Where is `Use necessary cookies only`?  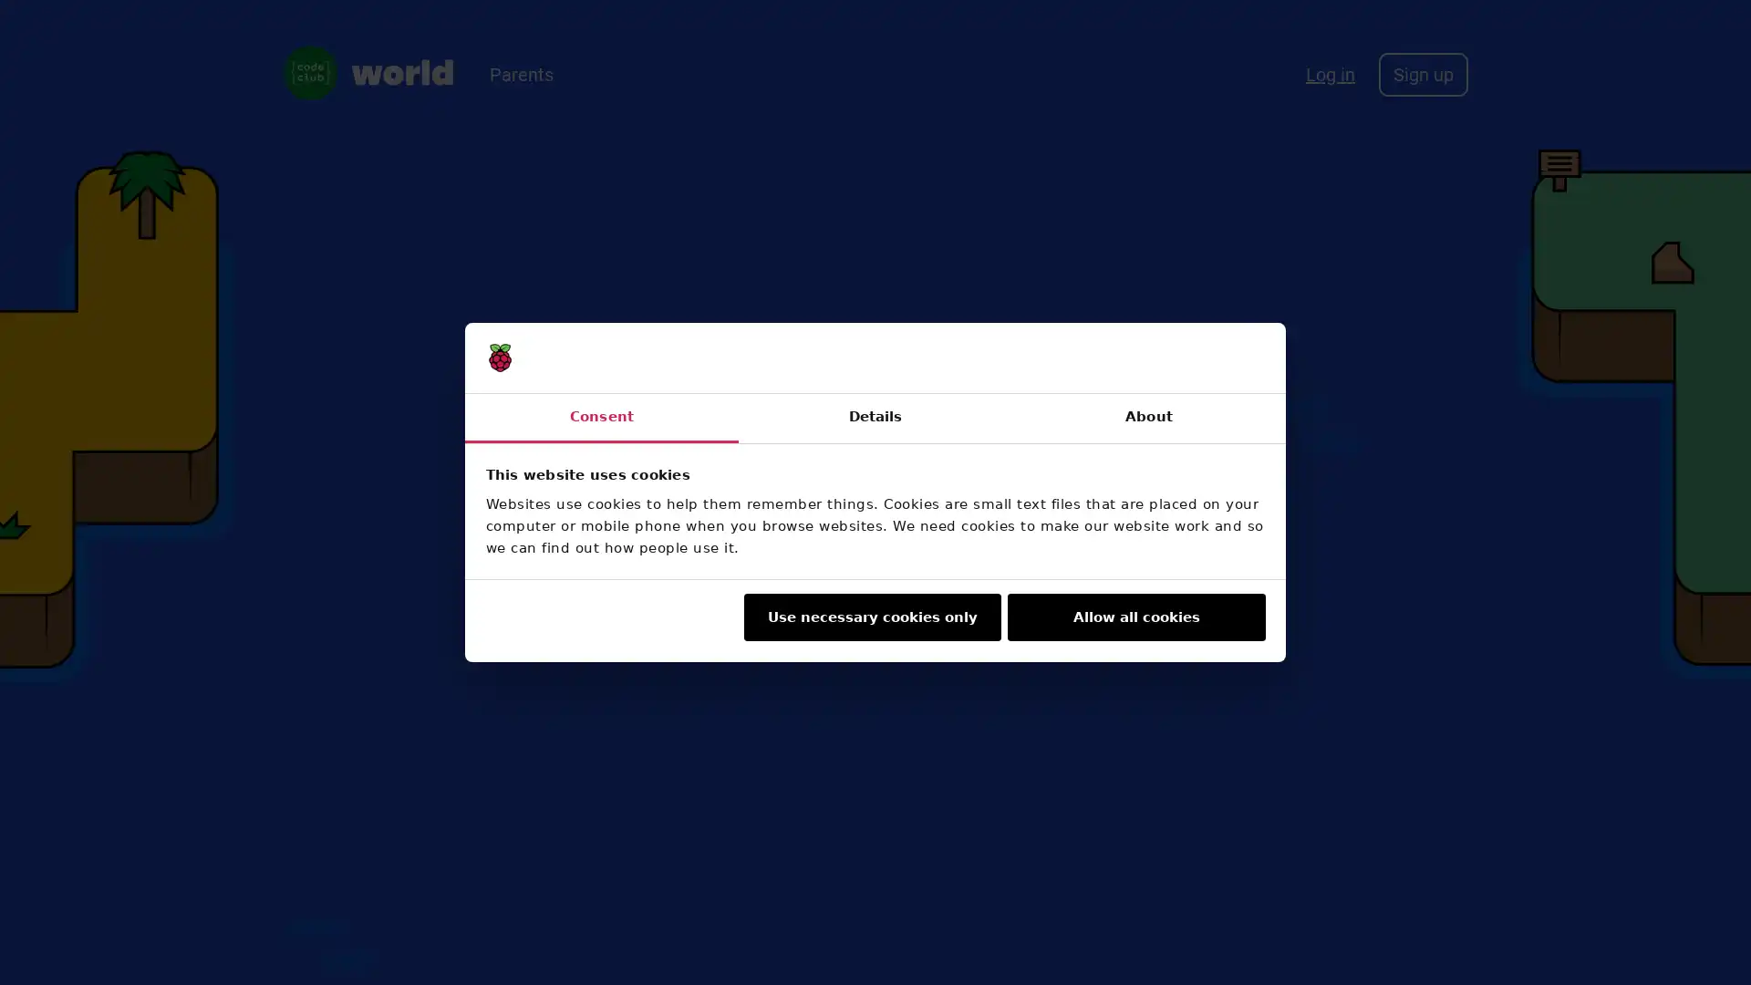 Use necessary cookies only is located at coordinates (870, 617).